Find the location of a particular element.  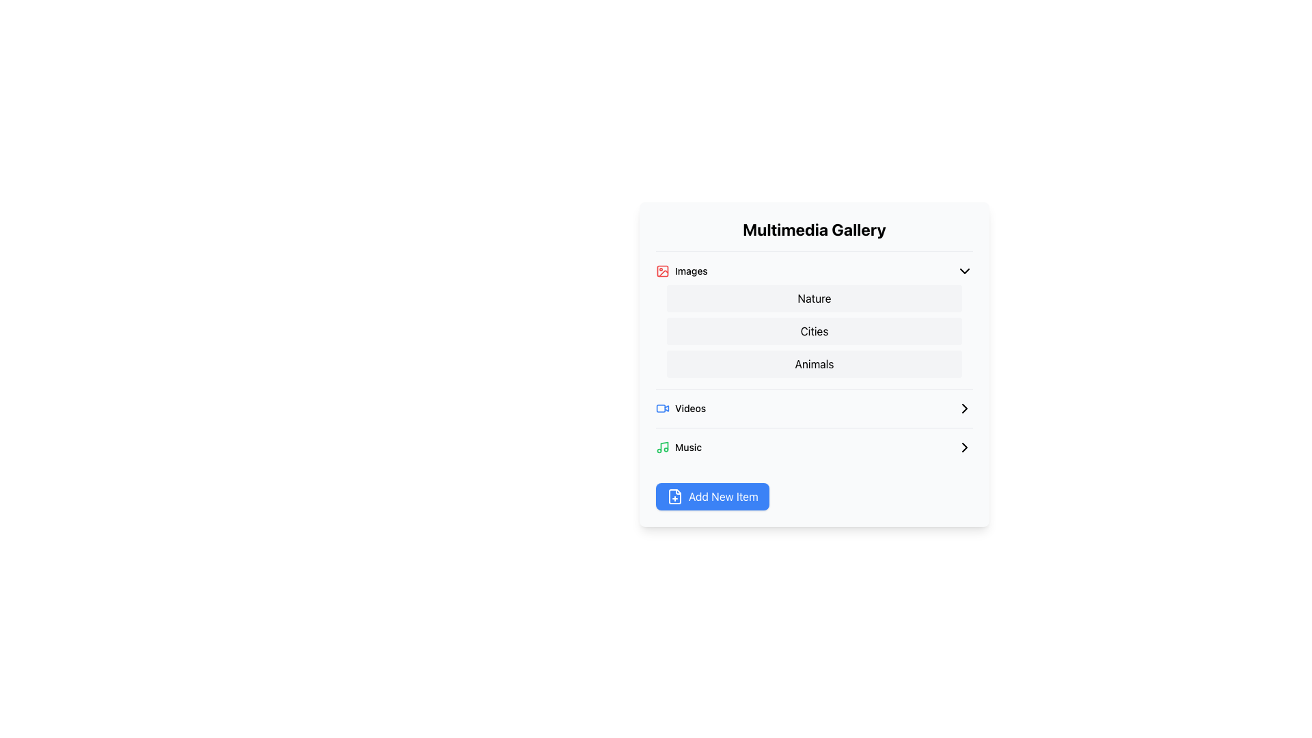

the selectable button for 'Animals' located in the Multimedia Gallery under the Images section, which is the third item in the list is located at coordinates (814, 363).